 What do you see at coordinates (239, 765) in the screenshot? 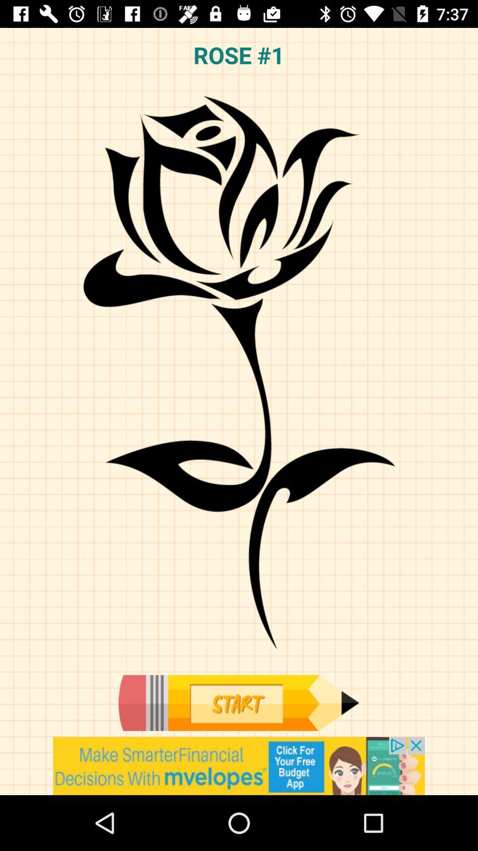
I see `the advertisement` at bounding box center [239, 765].